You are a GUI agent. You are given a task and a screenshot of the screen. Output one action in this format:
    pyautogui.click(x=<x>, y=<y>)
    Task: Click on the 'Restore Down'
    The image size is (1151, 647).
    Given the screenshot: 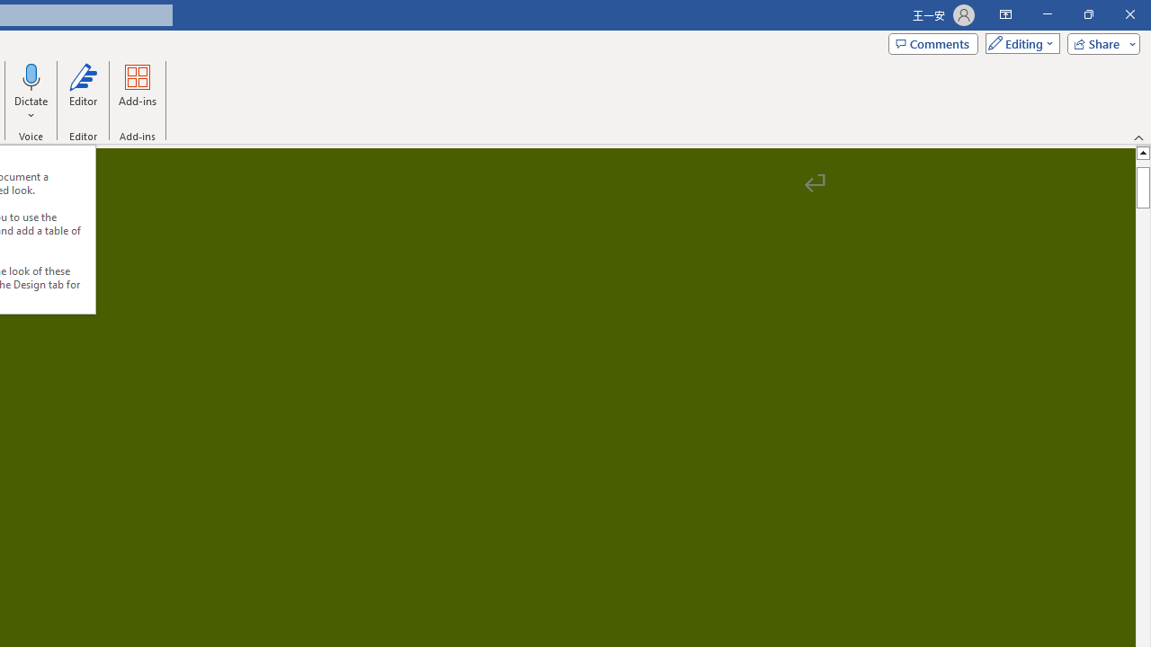 What is the action you would take?
    pyautogui.click(x=1087, y=14)
    